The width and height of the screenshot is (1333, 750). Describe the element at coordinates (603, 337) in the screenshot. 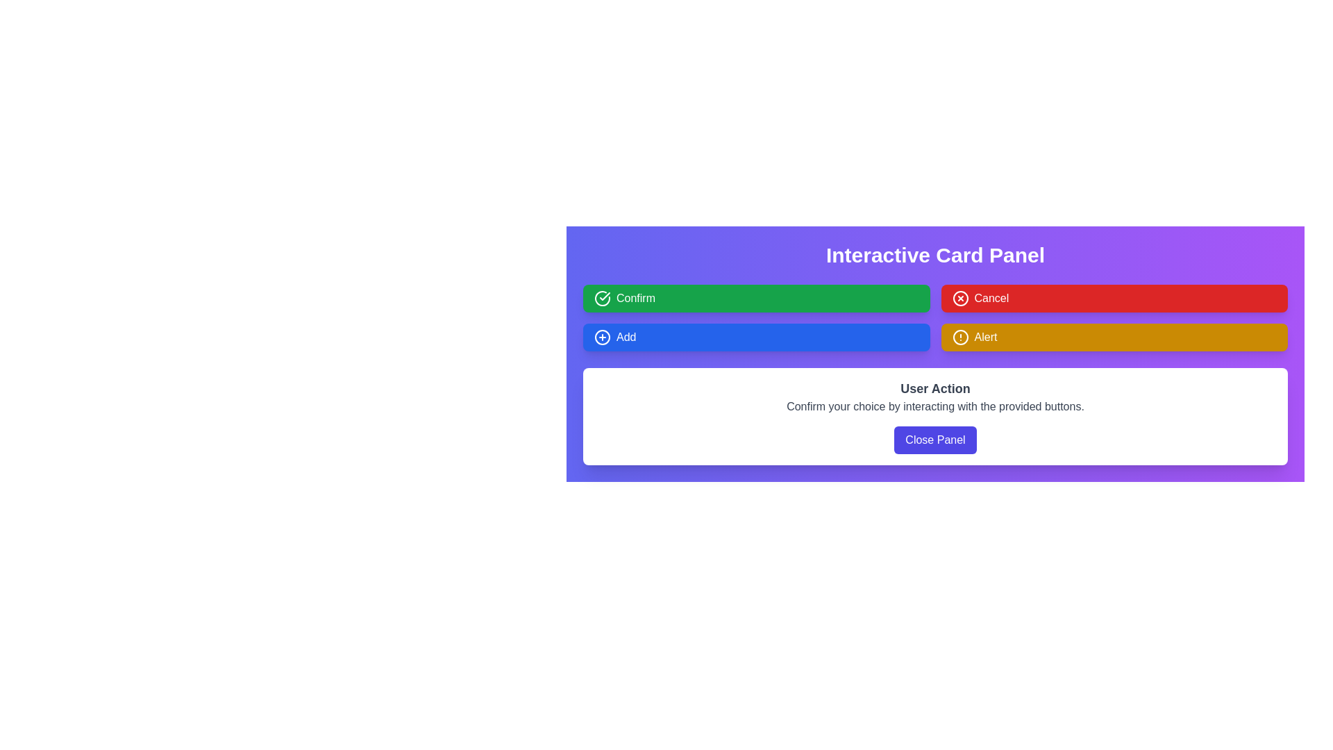

I see `the circular icon within the interactive button that indicates an 'Add' action` at that location.